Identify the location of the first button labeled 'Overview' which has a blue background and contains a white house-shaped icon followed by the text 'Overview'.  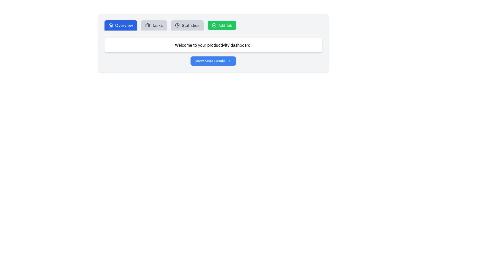
(120, 25).